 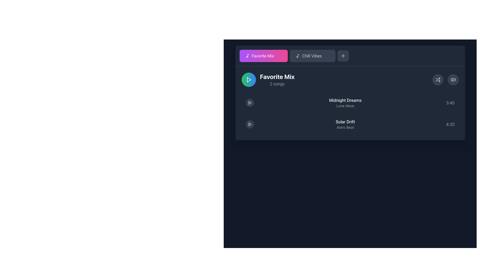 I want to click on the 'Chill Vibes' navigation button, which is styled with gray text on a dark background, so click(x=312, y=56).